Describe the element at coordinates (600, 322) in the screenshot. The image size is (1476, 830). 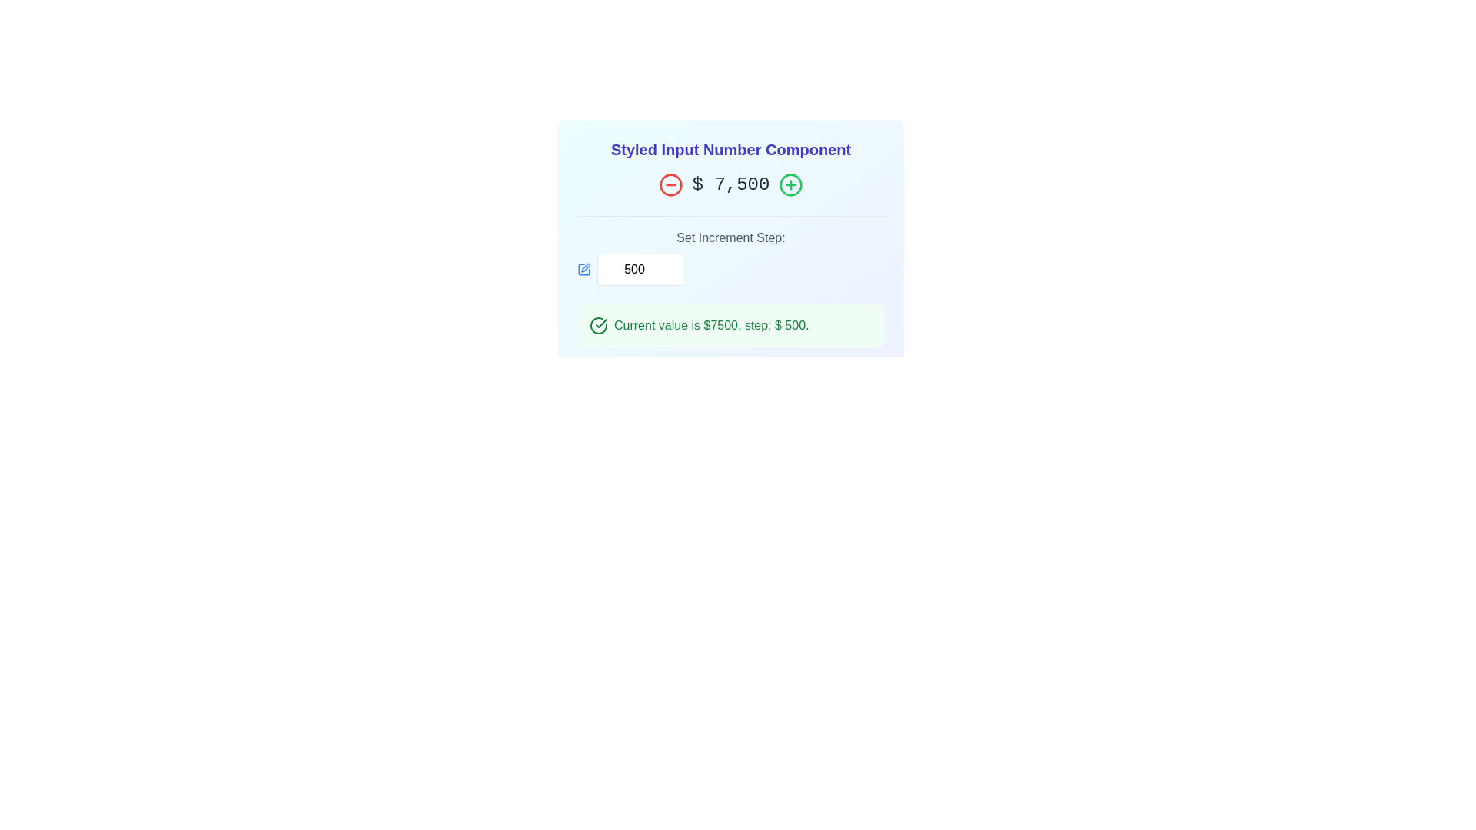
I see `the checkmark icon within the SVG graphic that indicates the validation of the statement 'Current value is $7500, step: $500.'` at that location.